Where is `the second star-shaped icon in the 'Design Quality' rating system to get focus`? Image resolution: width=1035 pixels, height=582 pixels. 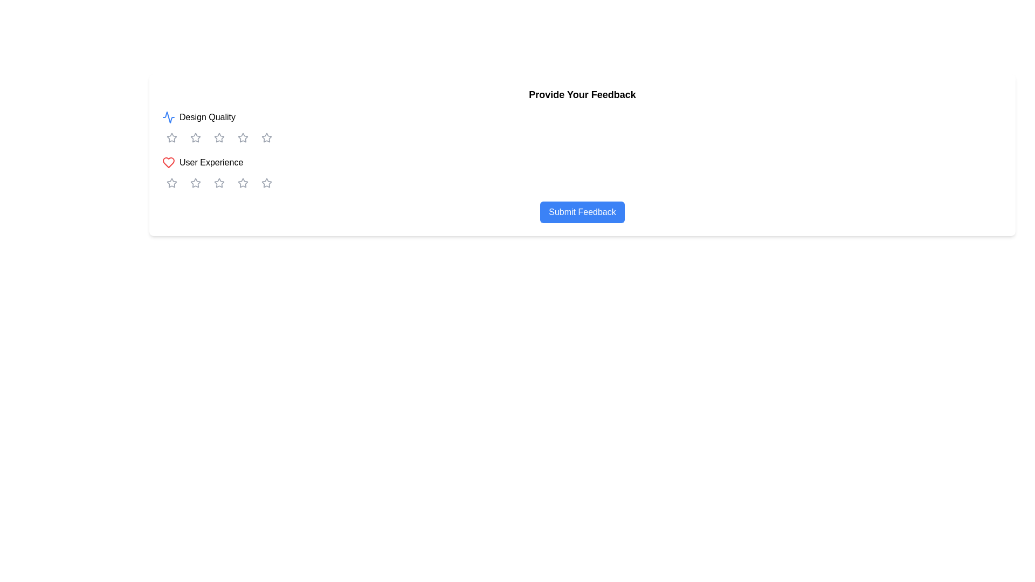 the second star-shaped icon in the 'Design Quality' rating system to get focus is located at coordinates (196, 137).